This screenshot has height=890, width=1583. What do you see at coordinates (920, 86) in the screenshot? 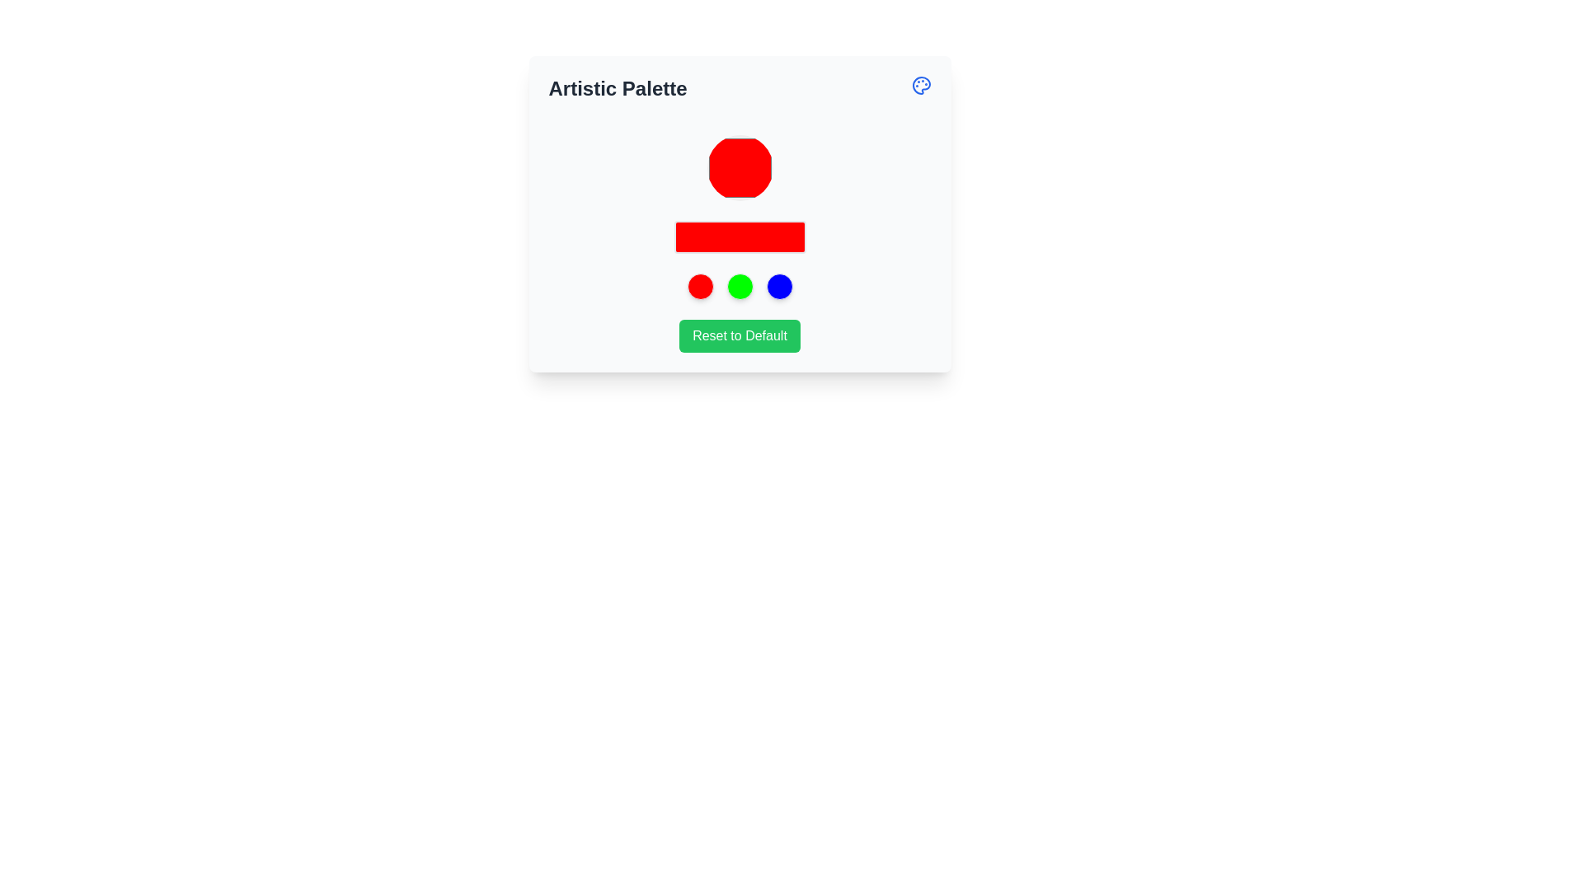
I see `the decorative SVG icon resembling a painter's palette located in the top-right corner of the card displaying 'Artistic Palette'` at bounding box center [920, 86].